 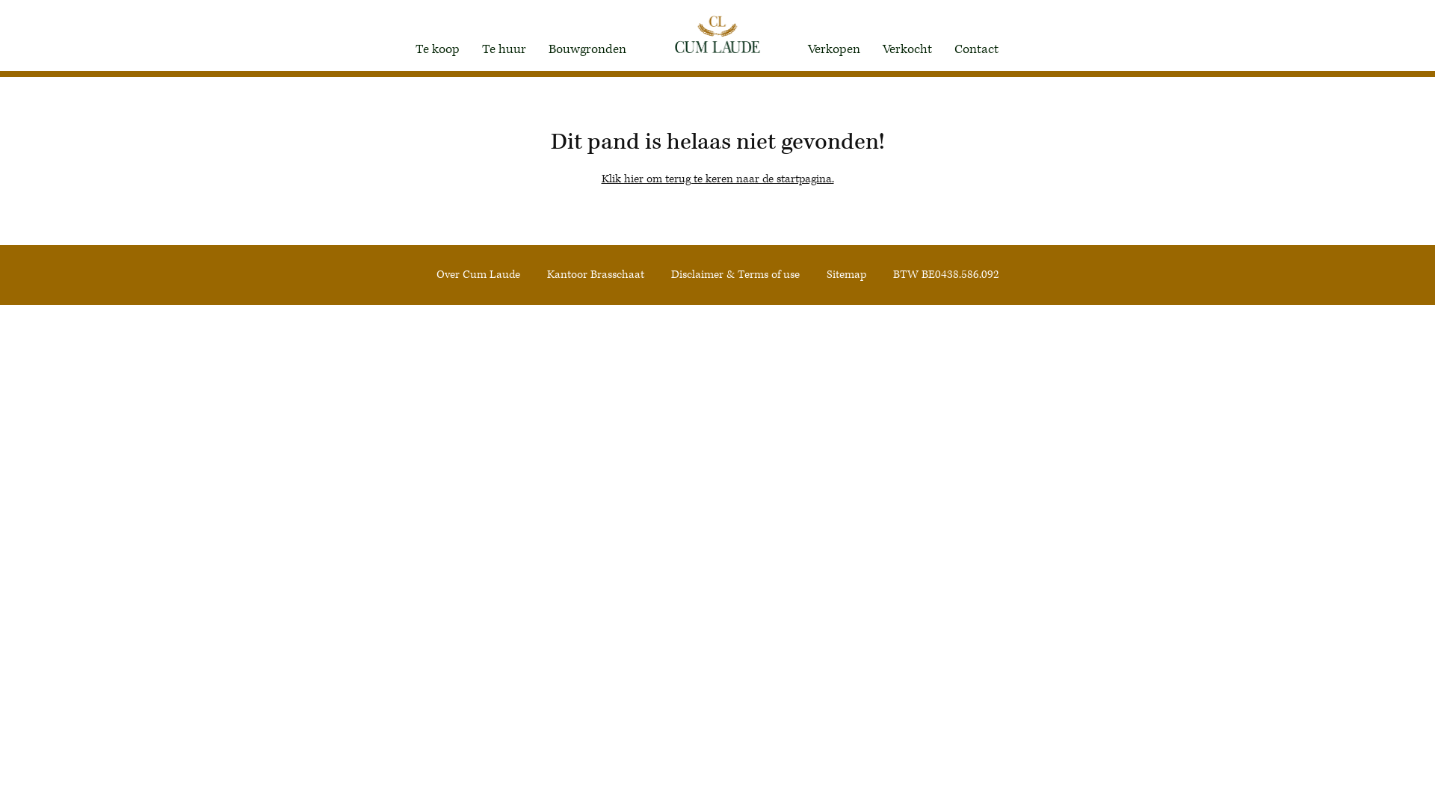 I want to click on 'Sitemap', so click(x=846, y=274).